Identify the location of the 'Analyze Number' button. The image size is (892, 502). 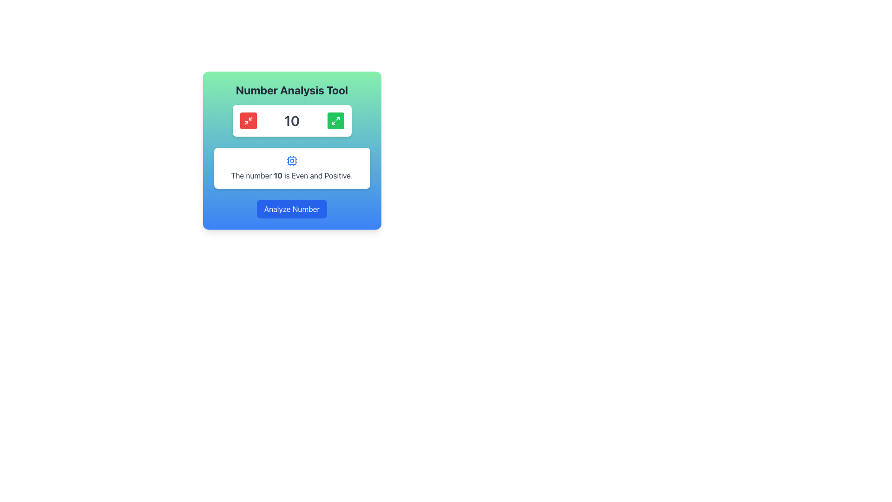
(291, 209).